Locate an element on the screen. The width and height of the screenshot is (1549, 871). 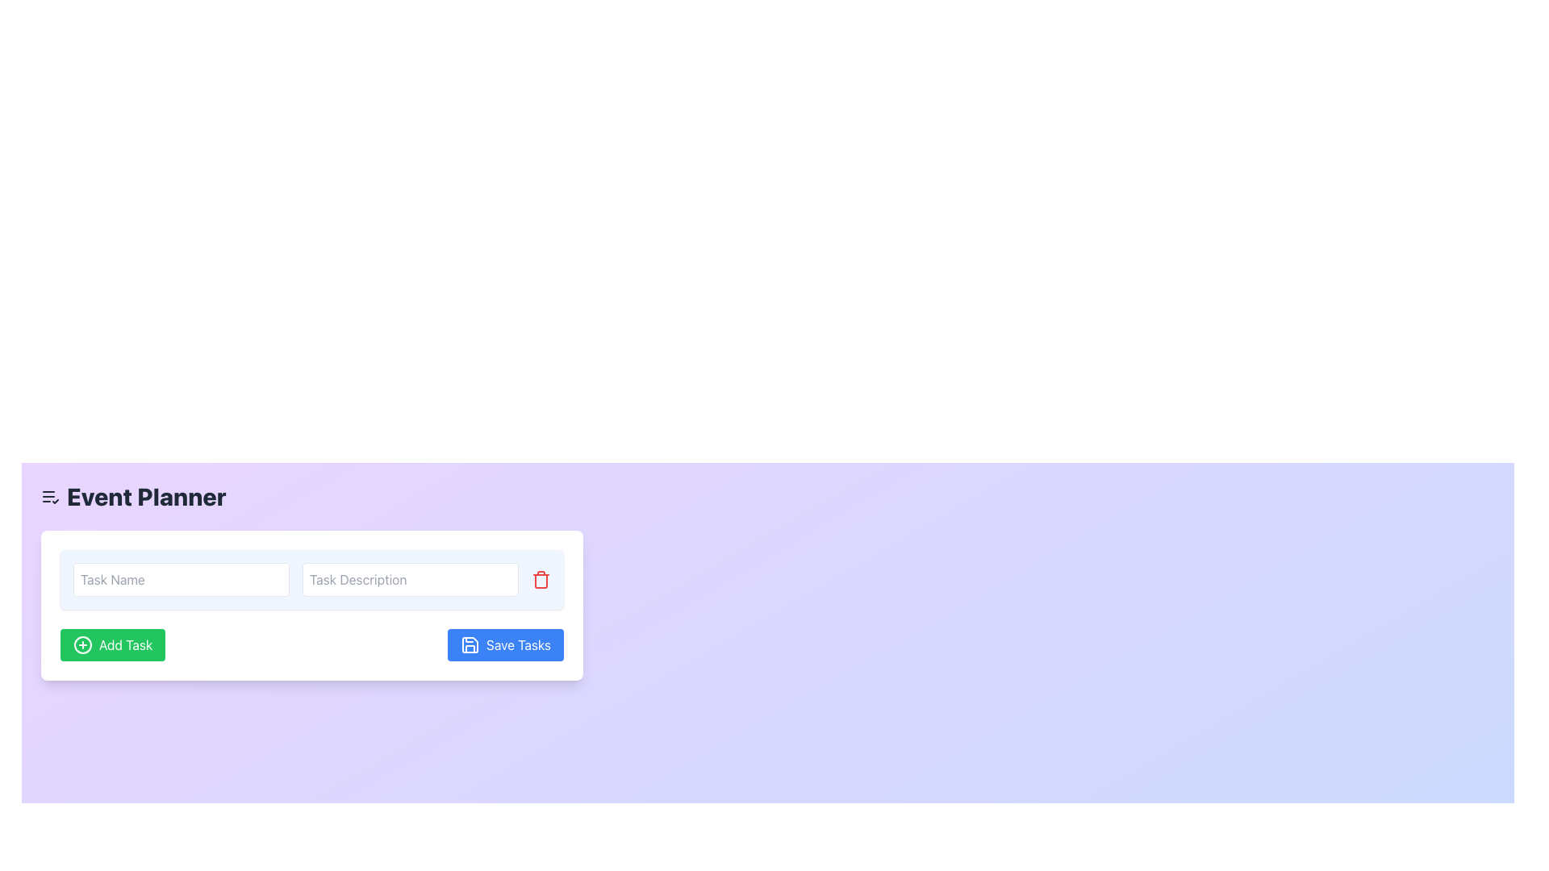
the delete button is located at coordinates (541, 578).